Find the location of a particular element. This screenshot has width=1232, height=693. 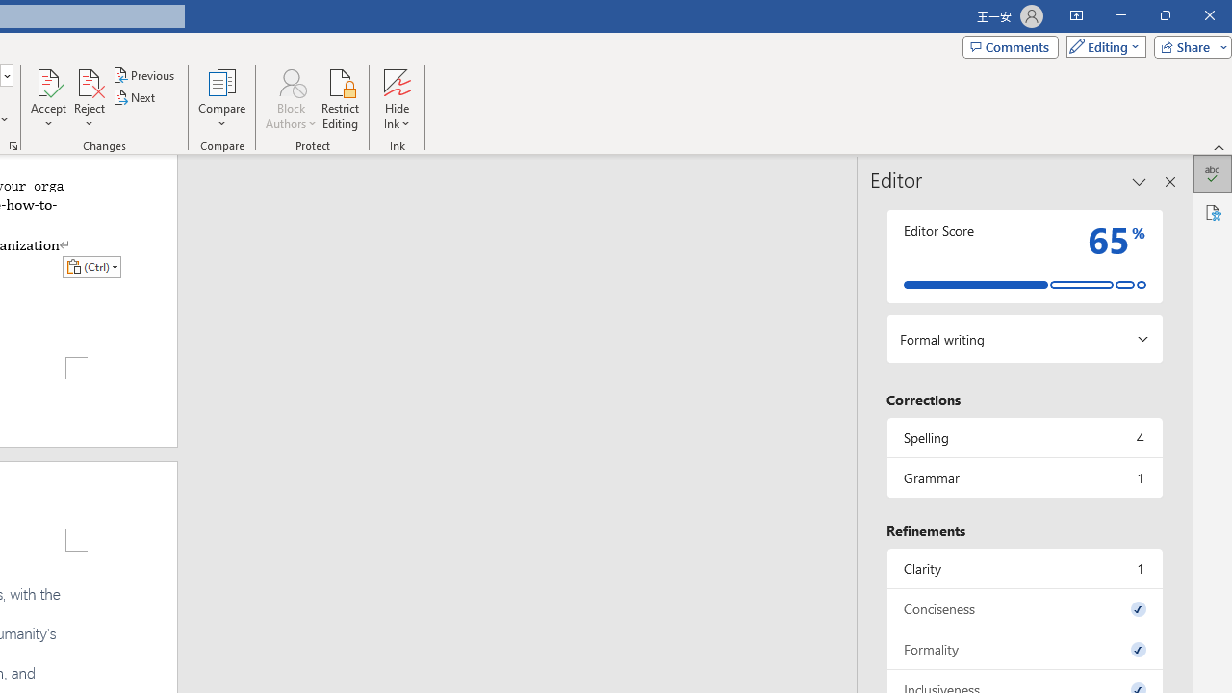

'Reject' is located at coordinates (88, 99).